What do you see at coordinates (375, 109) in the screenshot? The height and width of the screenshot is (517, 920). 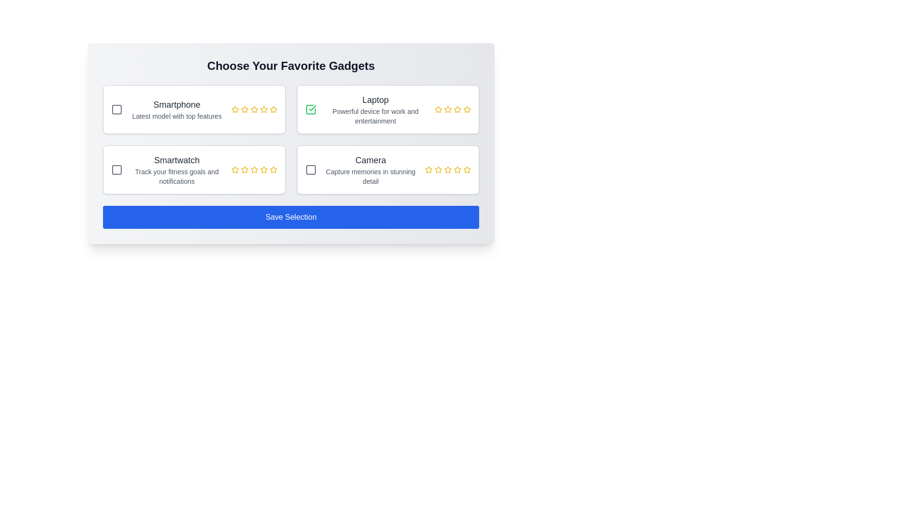 I see `title and description of the 'Laptop' gadget, which is located in the top-right box of the selection interface between a checkbox and a rating system` at bounding box center [375, 109].